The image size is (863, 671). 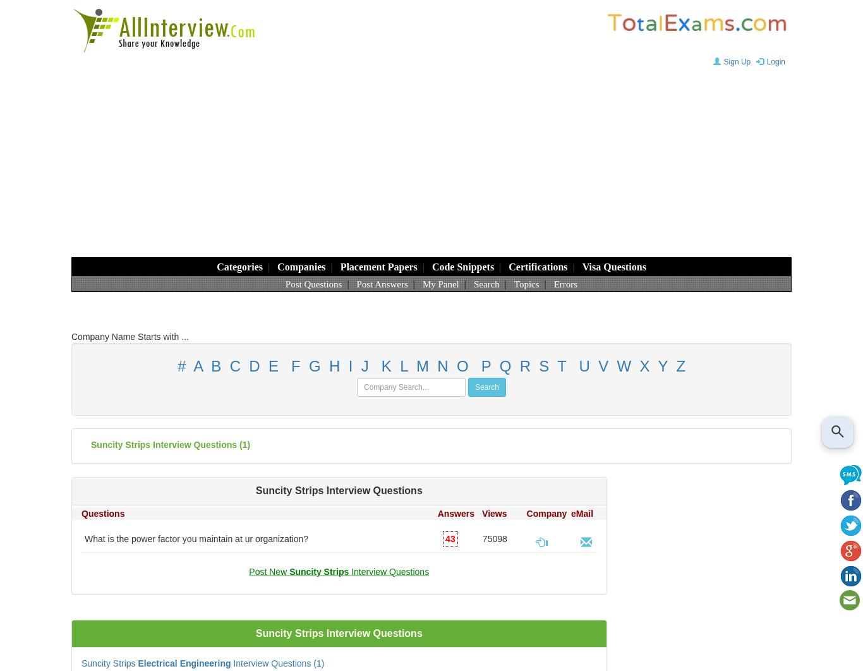 What do you see at coordinates (462, 366) in the screenshot?
I see `'O'` at bounding box center [462, 366].